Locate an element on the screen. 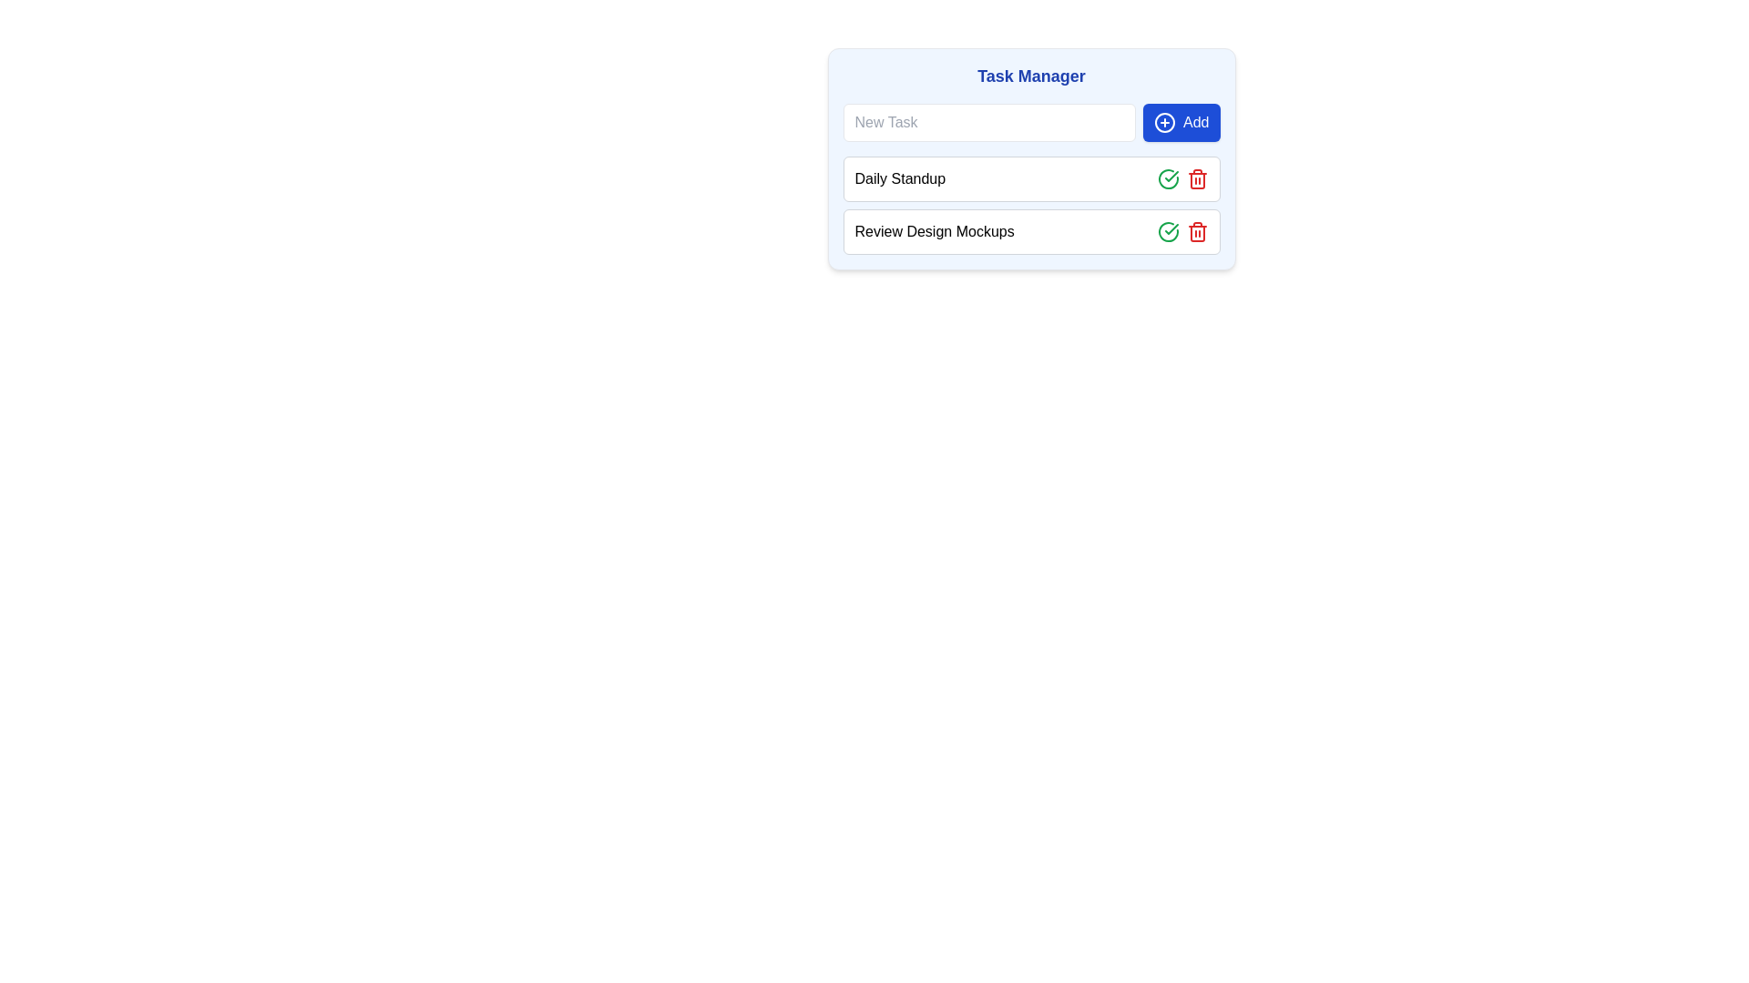 This screenshot has height=983, width=1749. the checkbox icon for the 'Review Design Mockups' task is located at coordinates (1171, 176).